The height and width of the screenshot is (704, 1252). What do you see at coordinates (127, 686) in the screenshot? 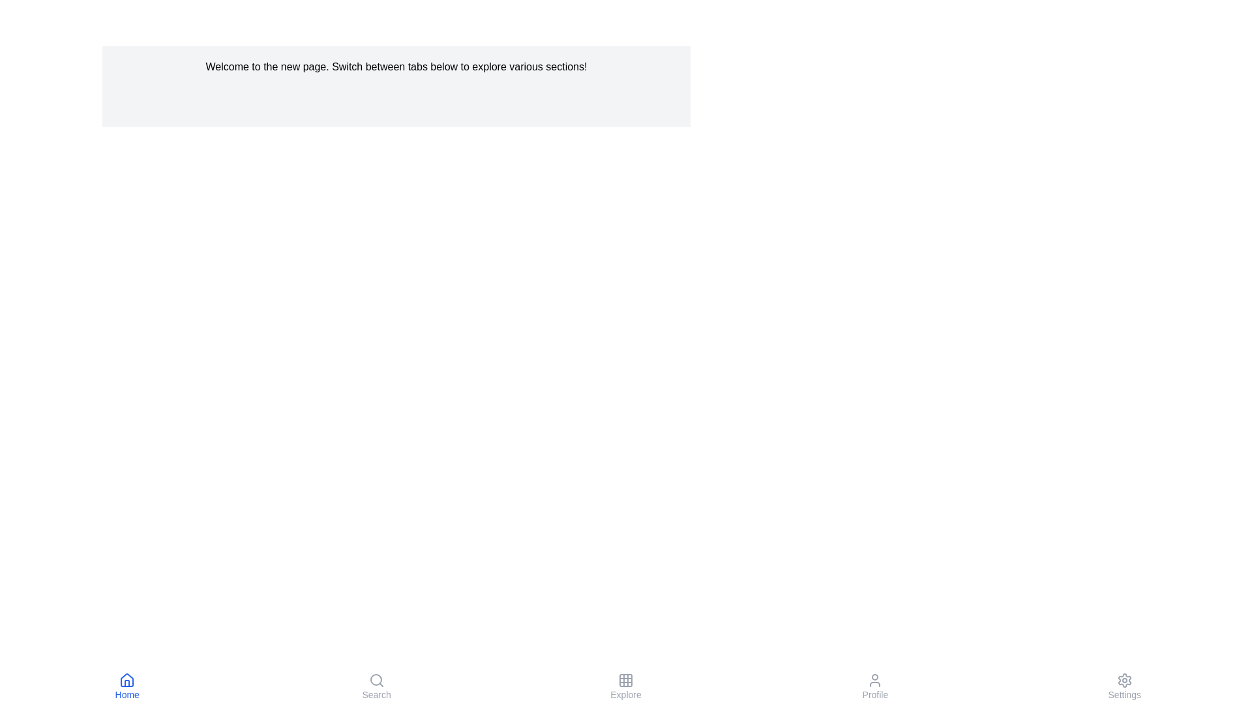
I see `the 'Home' tab item in the navigation bar, which is styled with a blue house icon and is the leftmost item in the horizontal list of tabs at the bottom of the interface` at bounding box center [127, 686].